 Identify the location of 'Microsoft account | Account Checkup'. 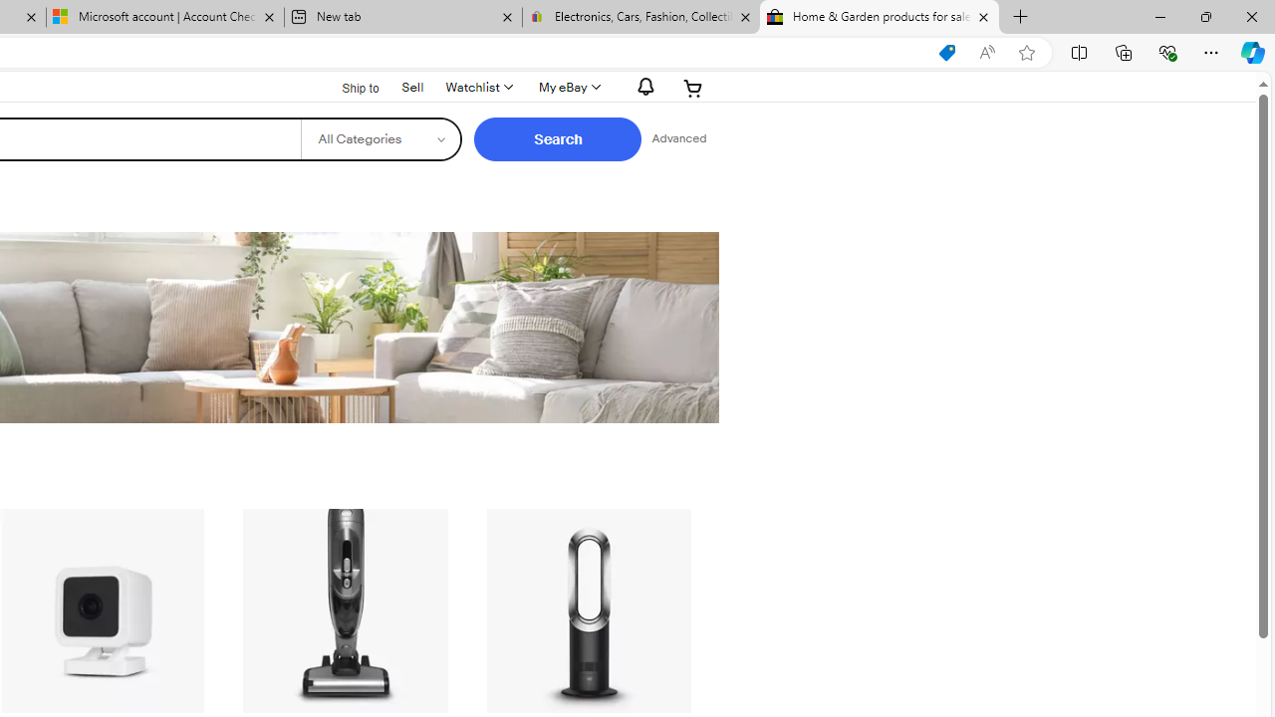
(165, 17).